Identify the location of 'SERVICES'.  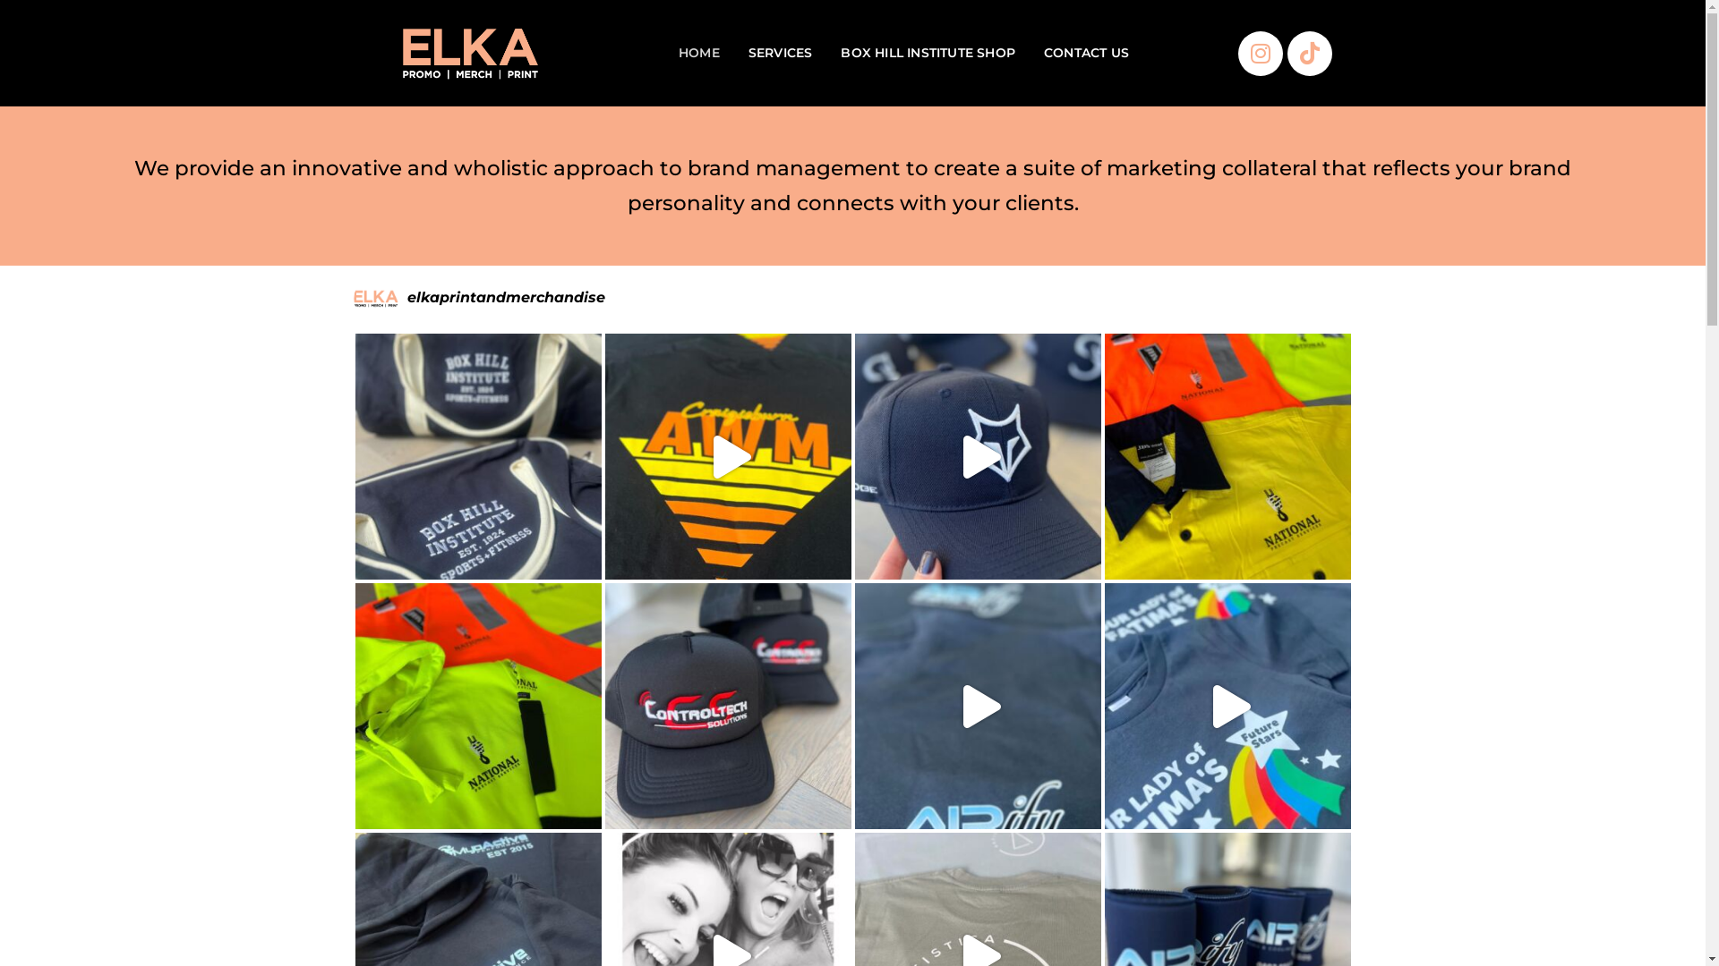
(781, 52).